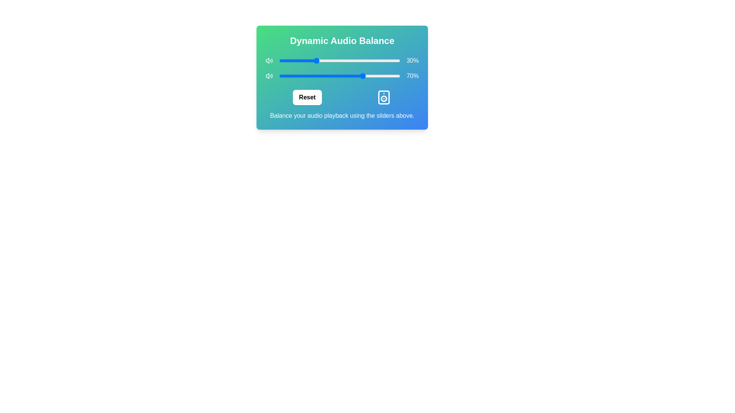 The height and width of the screenshot is (413, 735). What do you see at coordinates (384, 97) in the screenshot?
I see `the speaker icon, which is depicted in white on a blue gradient background and is located to the right of the 'Reset' button` at bounding box center [384, 97].